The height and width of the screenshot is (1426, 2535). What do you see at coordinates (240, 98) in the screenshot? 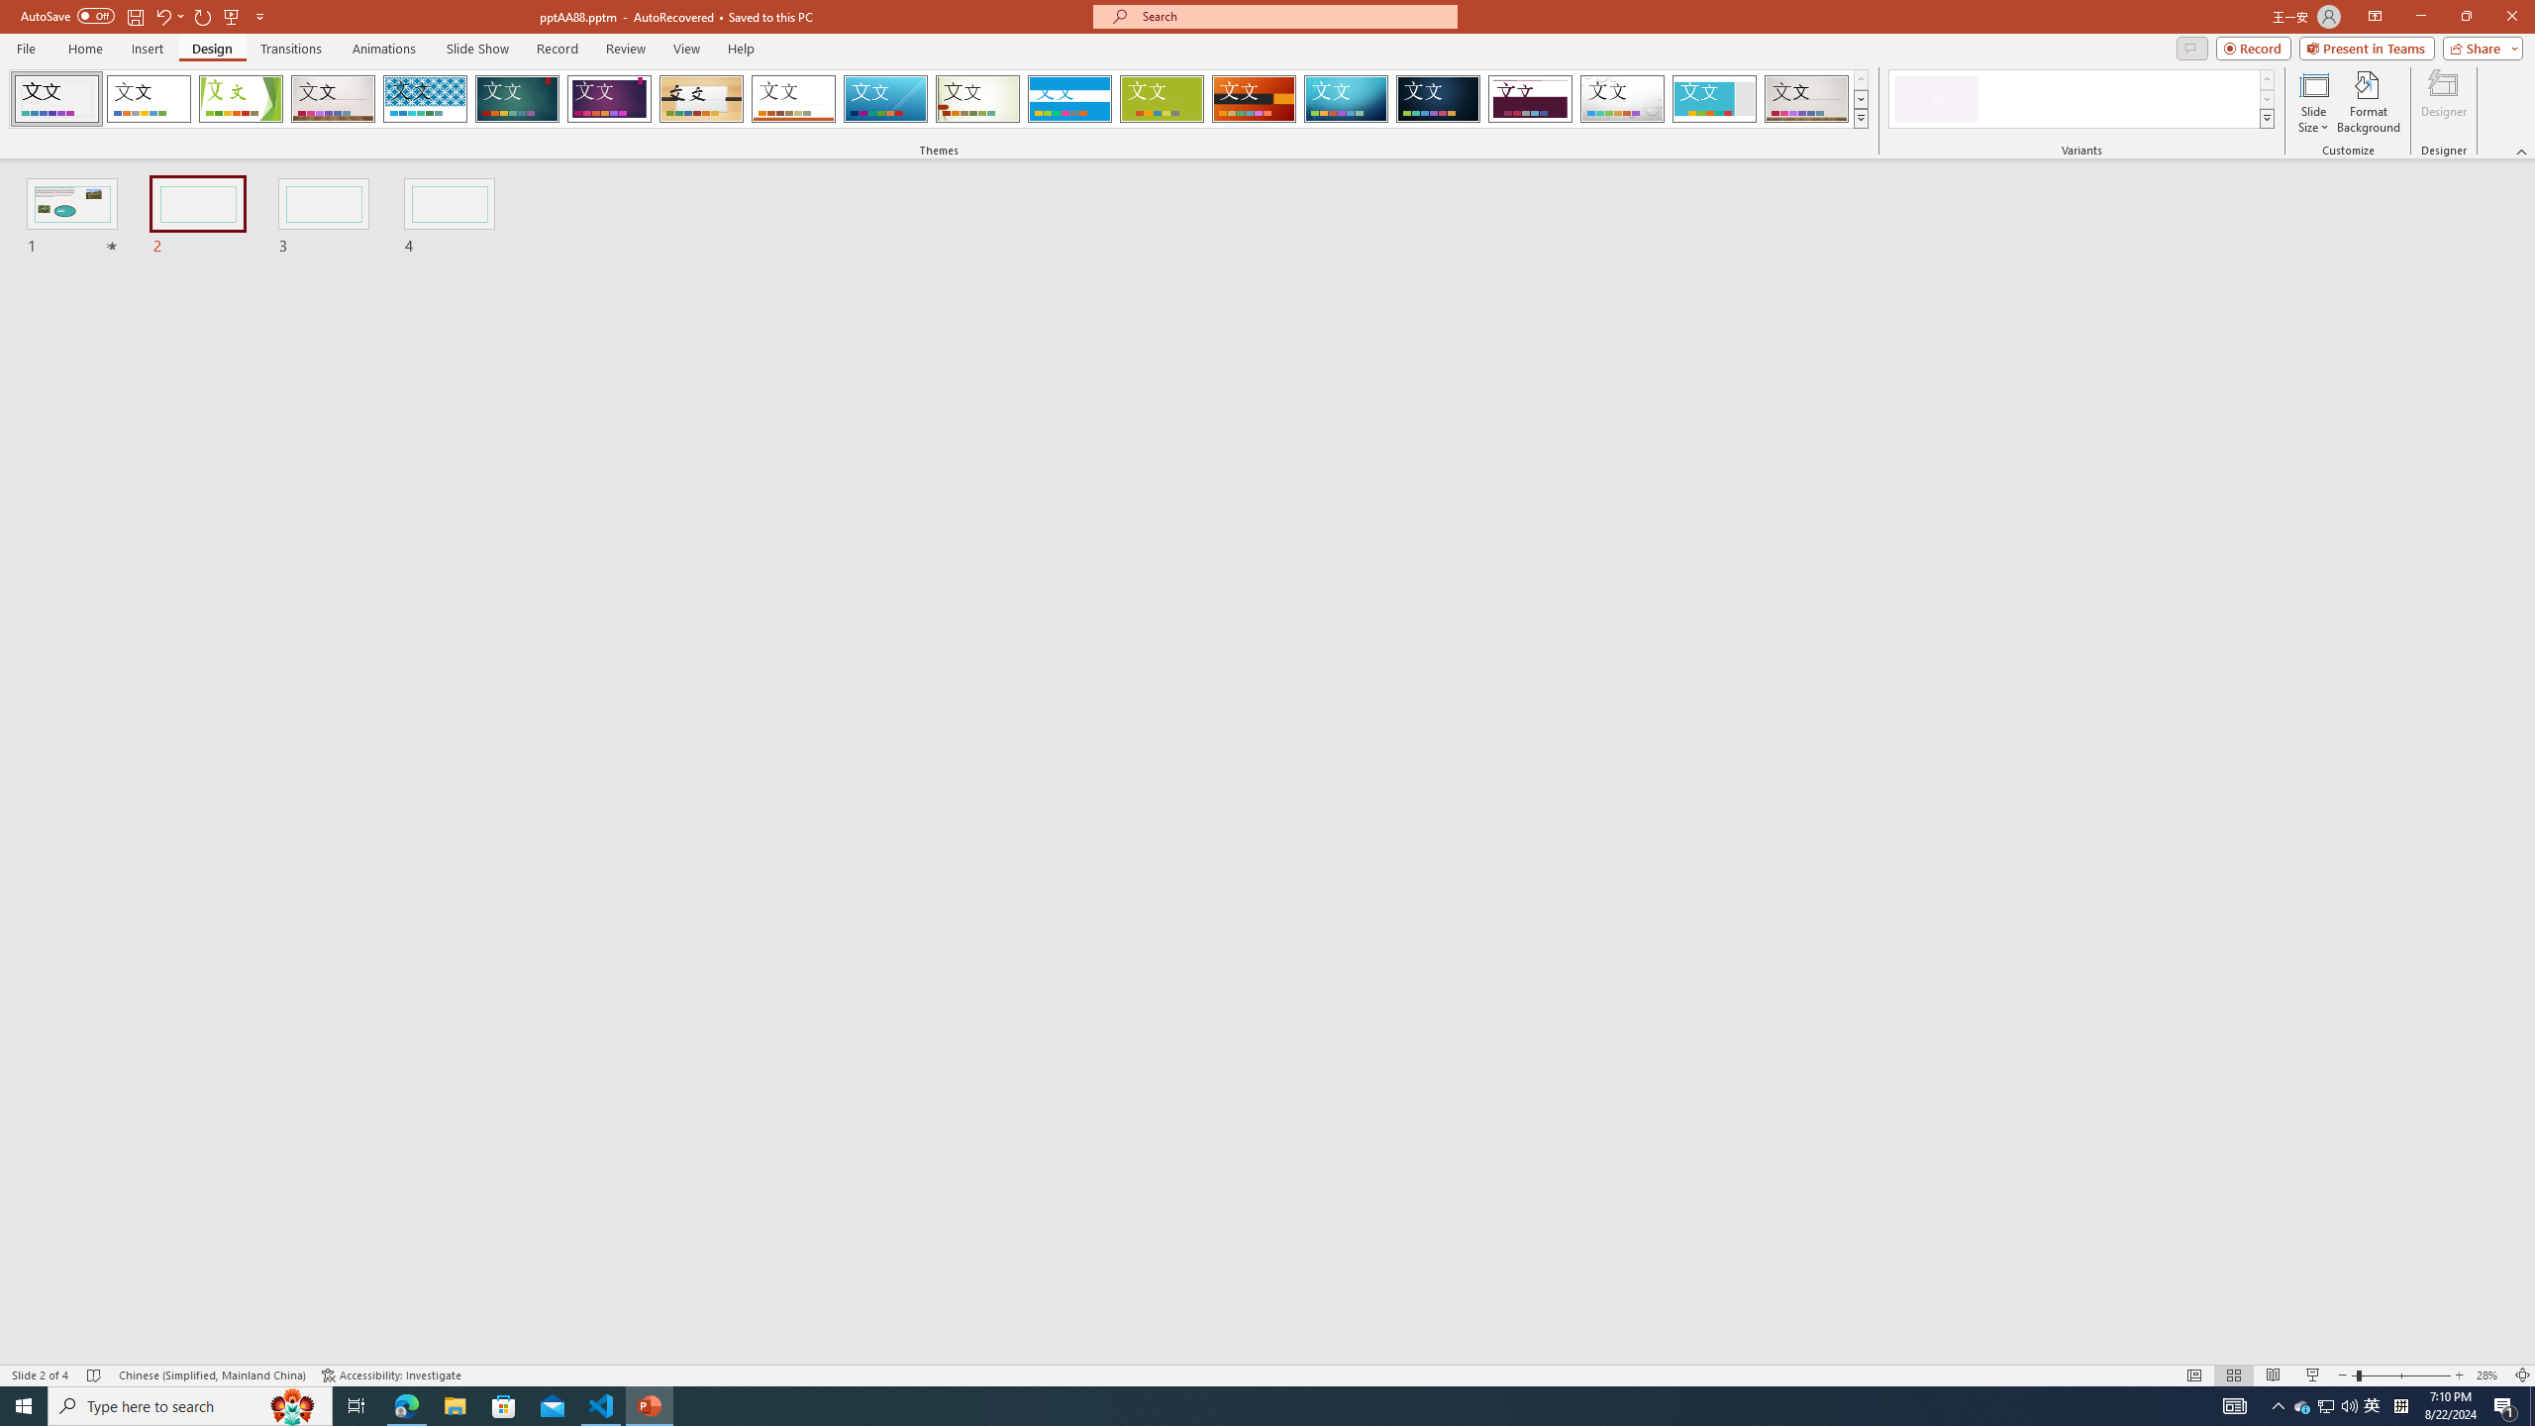
I see `'Facet'` at bounding box center [240, 98].